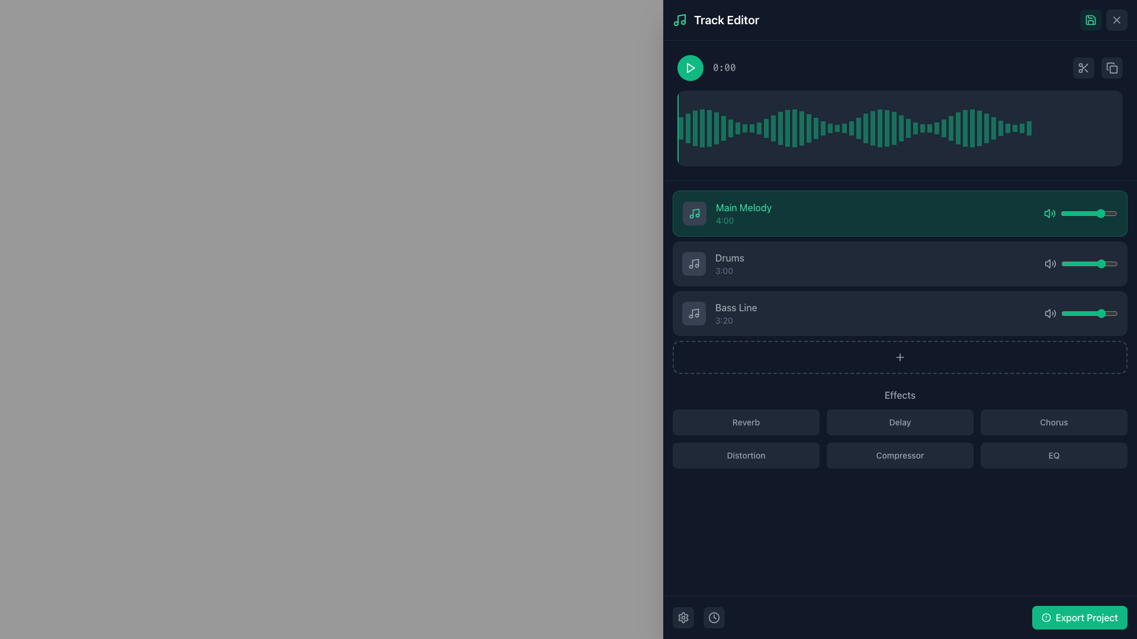 Image resolution: width=1137 pixels, height=639 pixels. Describe the element at coordinates (1064, 312) in the screenshot. I see `the slider value` at that location.